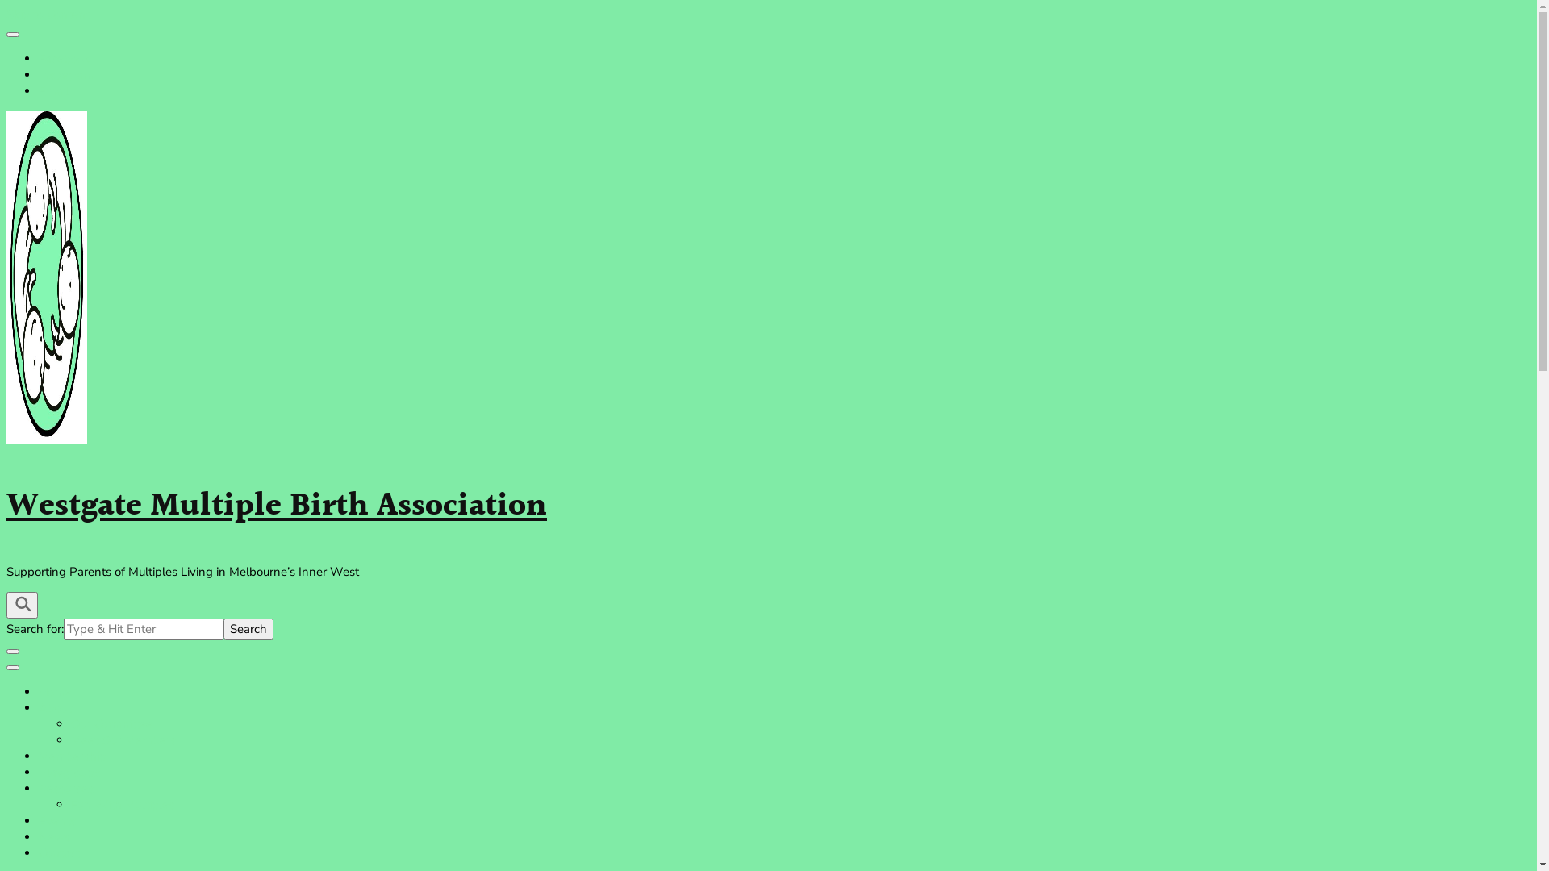 The width and height of the screenshot is (1549, 871). Describe the element at coordinates (39, 690) in the screenshot. I see `'Home'` at that location.